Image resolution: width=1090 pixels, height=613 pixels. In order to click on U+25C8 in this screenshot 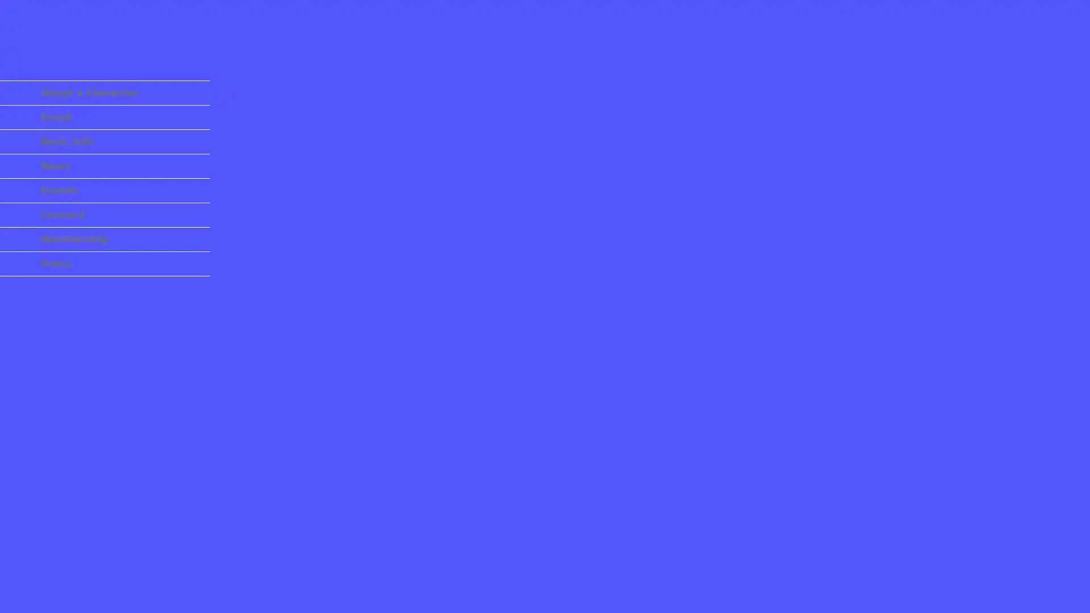, I will do `click(338, 128)`.